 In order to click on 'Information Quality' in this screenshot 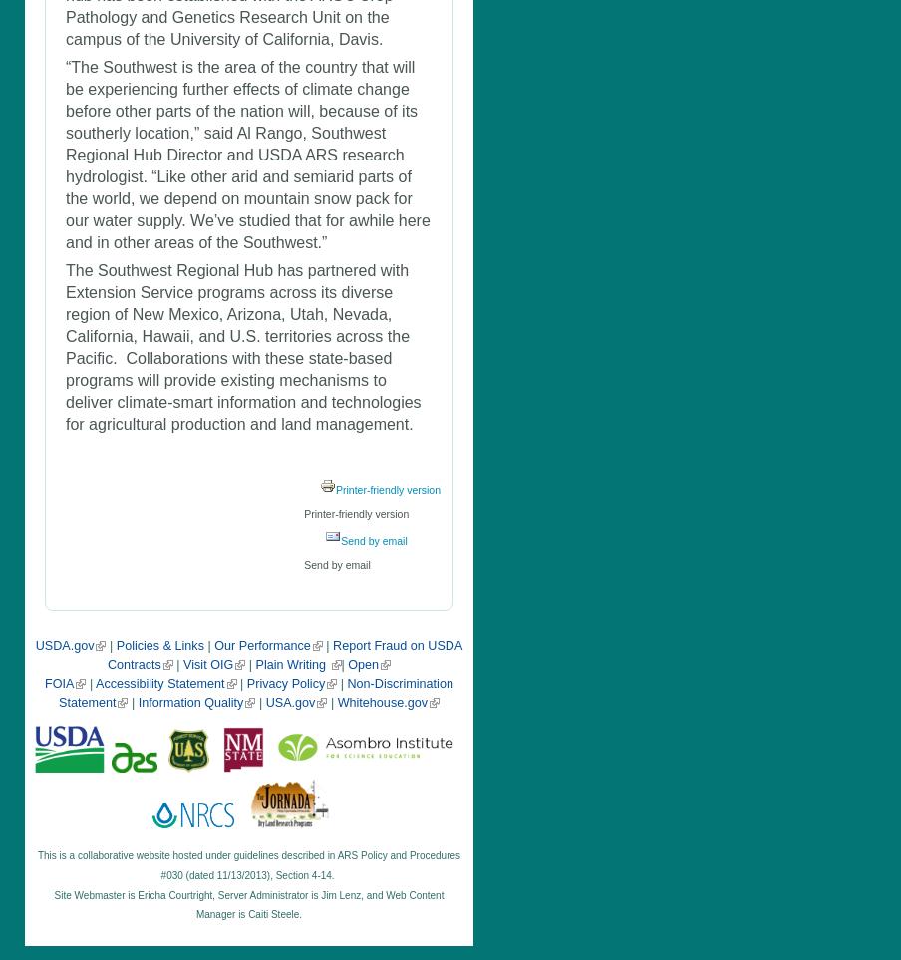, I will do `click(190, 702)`.